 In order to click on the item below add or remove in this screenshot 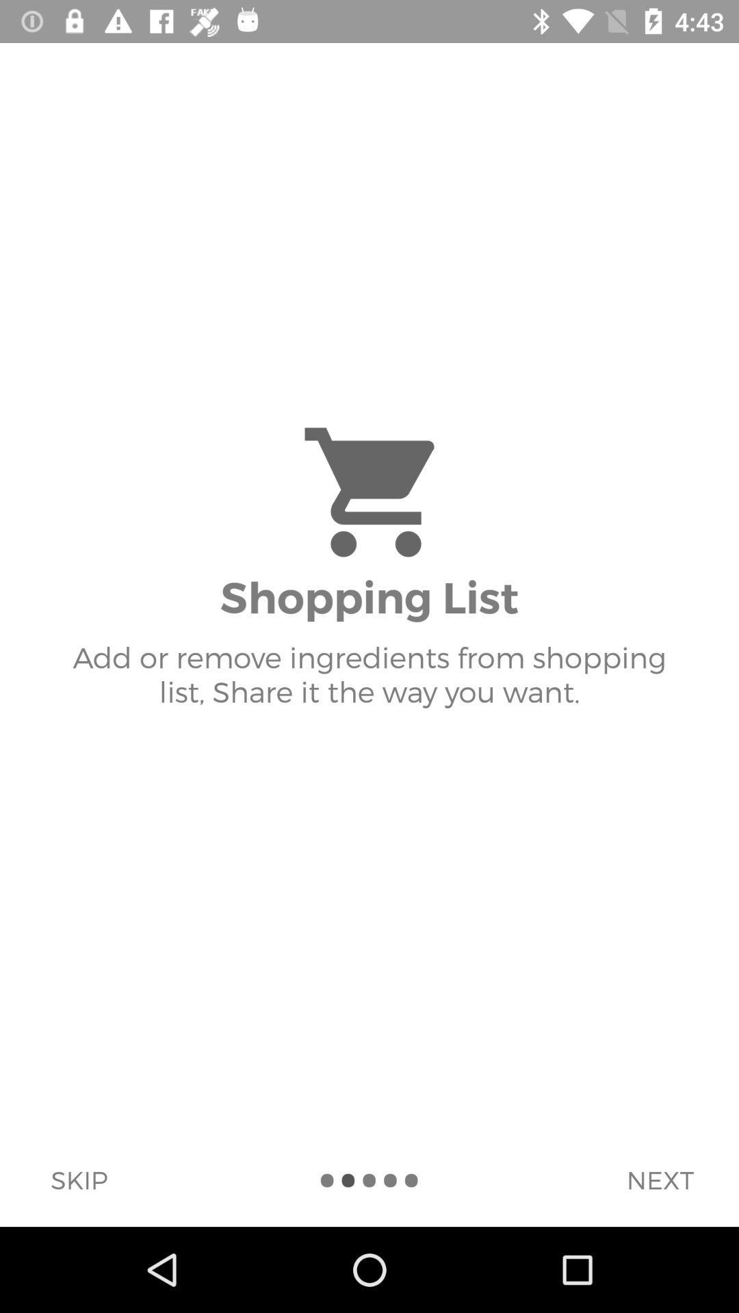, I will do `click(659, 1179)`.